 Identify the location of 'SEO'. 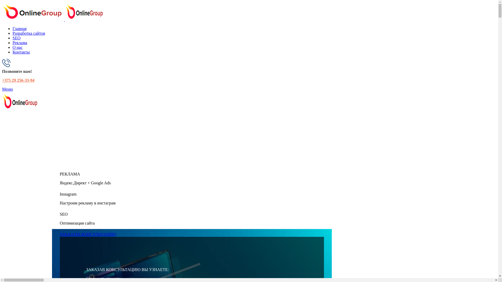
(16, 38).